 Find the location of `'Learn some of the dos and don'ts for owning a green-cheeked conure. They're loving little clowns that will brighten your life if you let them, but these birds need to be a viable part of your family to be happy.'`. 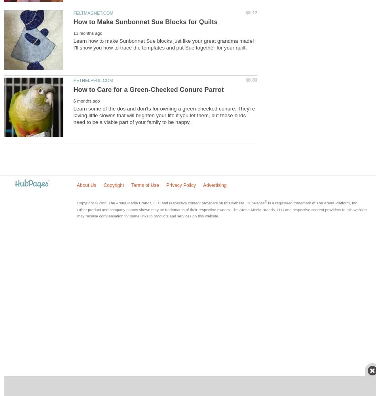

'Learn some of the dos and don'ts for owning a green-cheeked conure. They're loving little clowns that will brighten your life if you let them, but these birds need to be a viable part of your family to be happy.' is located at coordinates (163, 115).